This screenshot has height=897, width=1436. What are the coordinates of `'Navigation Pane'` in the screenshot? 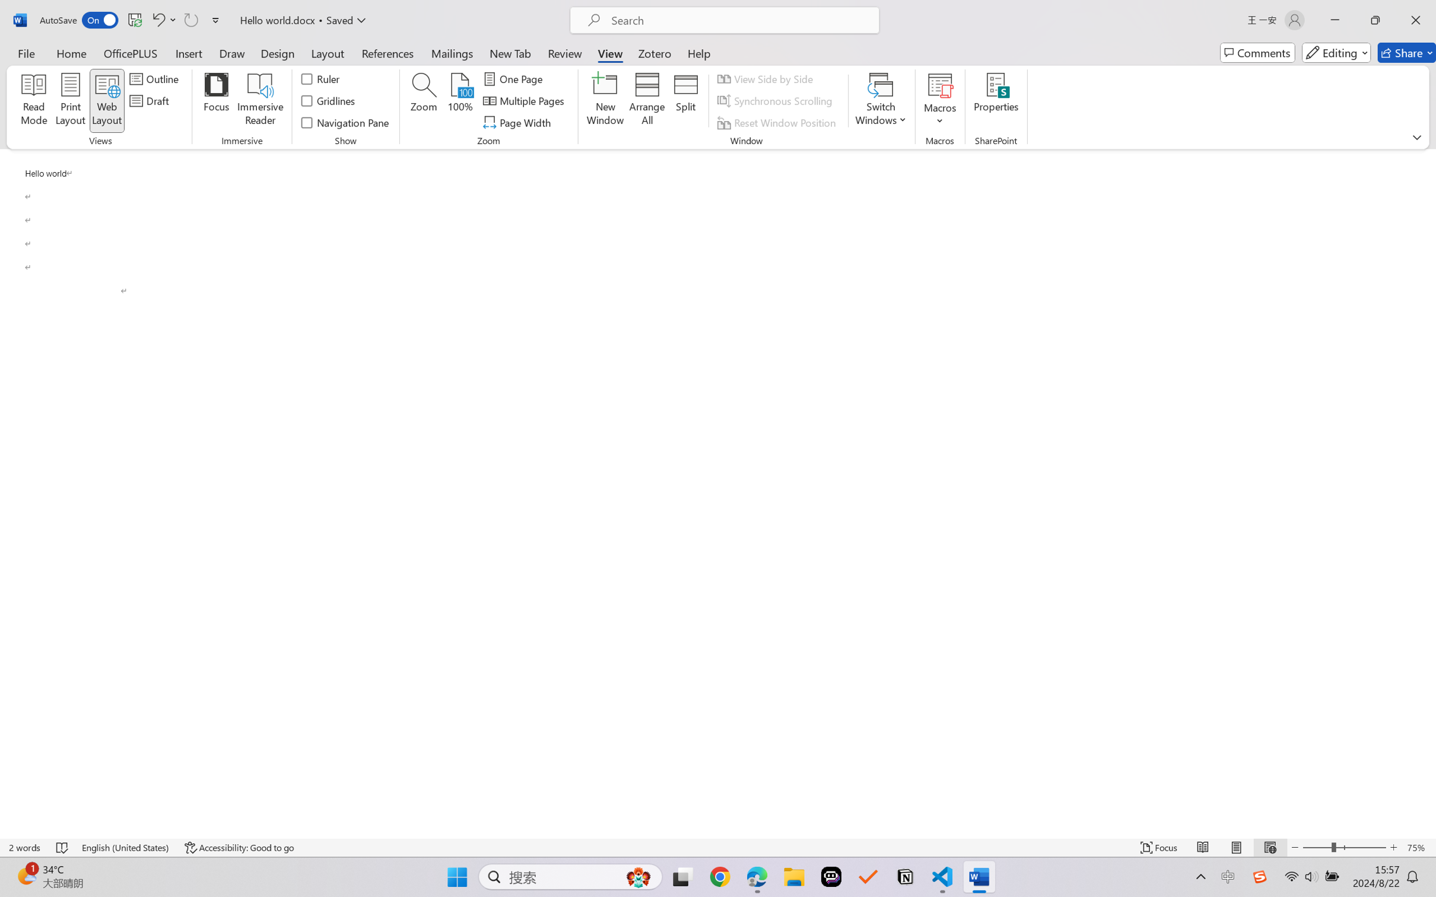 It's located at (345, 123).